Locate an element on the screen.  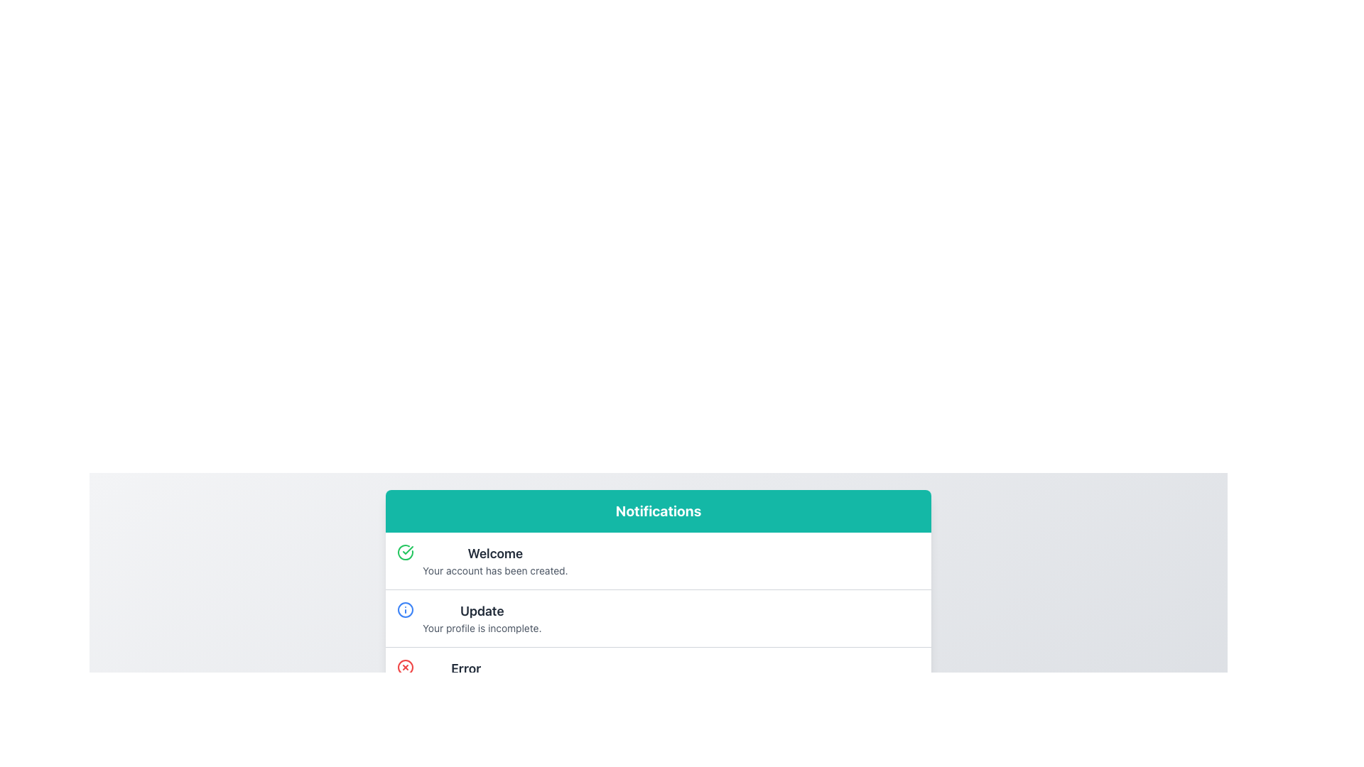
the text area containing the message 'Update' and 'Your profile is incomplete.' located in the second row of the 'Notifications' list is located at coordinates (482, 618).